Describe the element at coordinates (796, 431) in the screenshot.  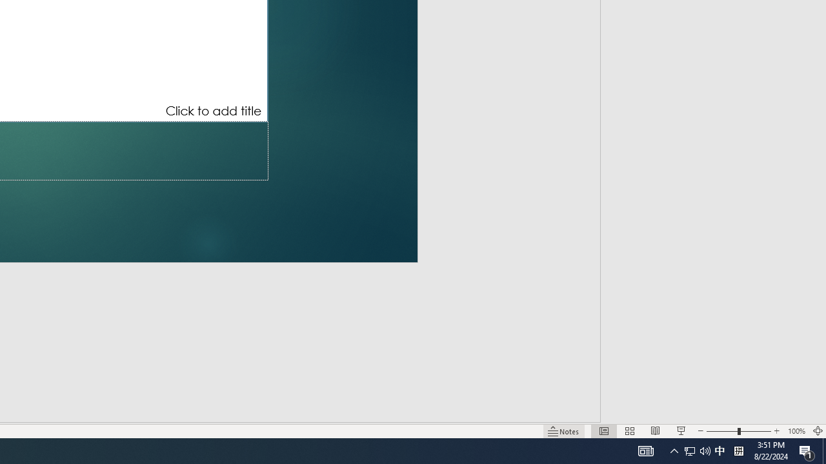
I see `'Zoom 100%'` at that location.